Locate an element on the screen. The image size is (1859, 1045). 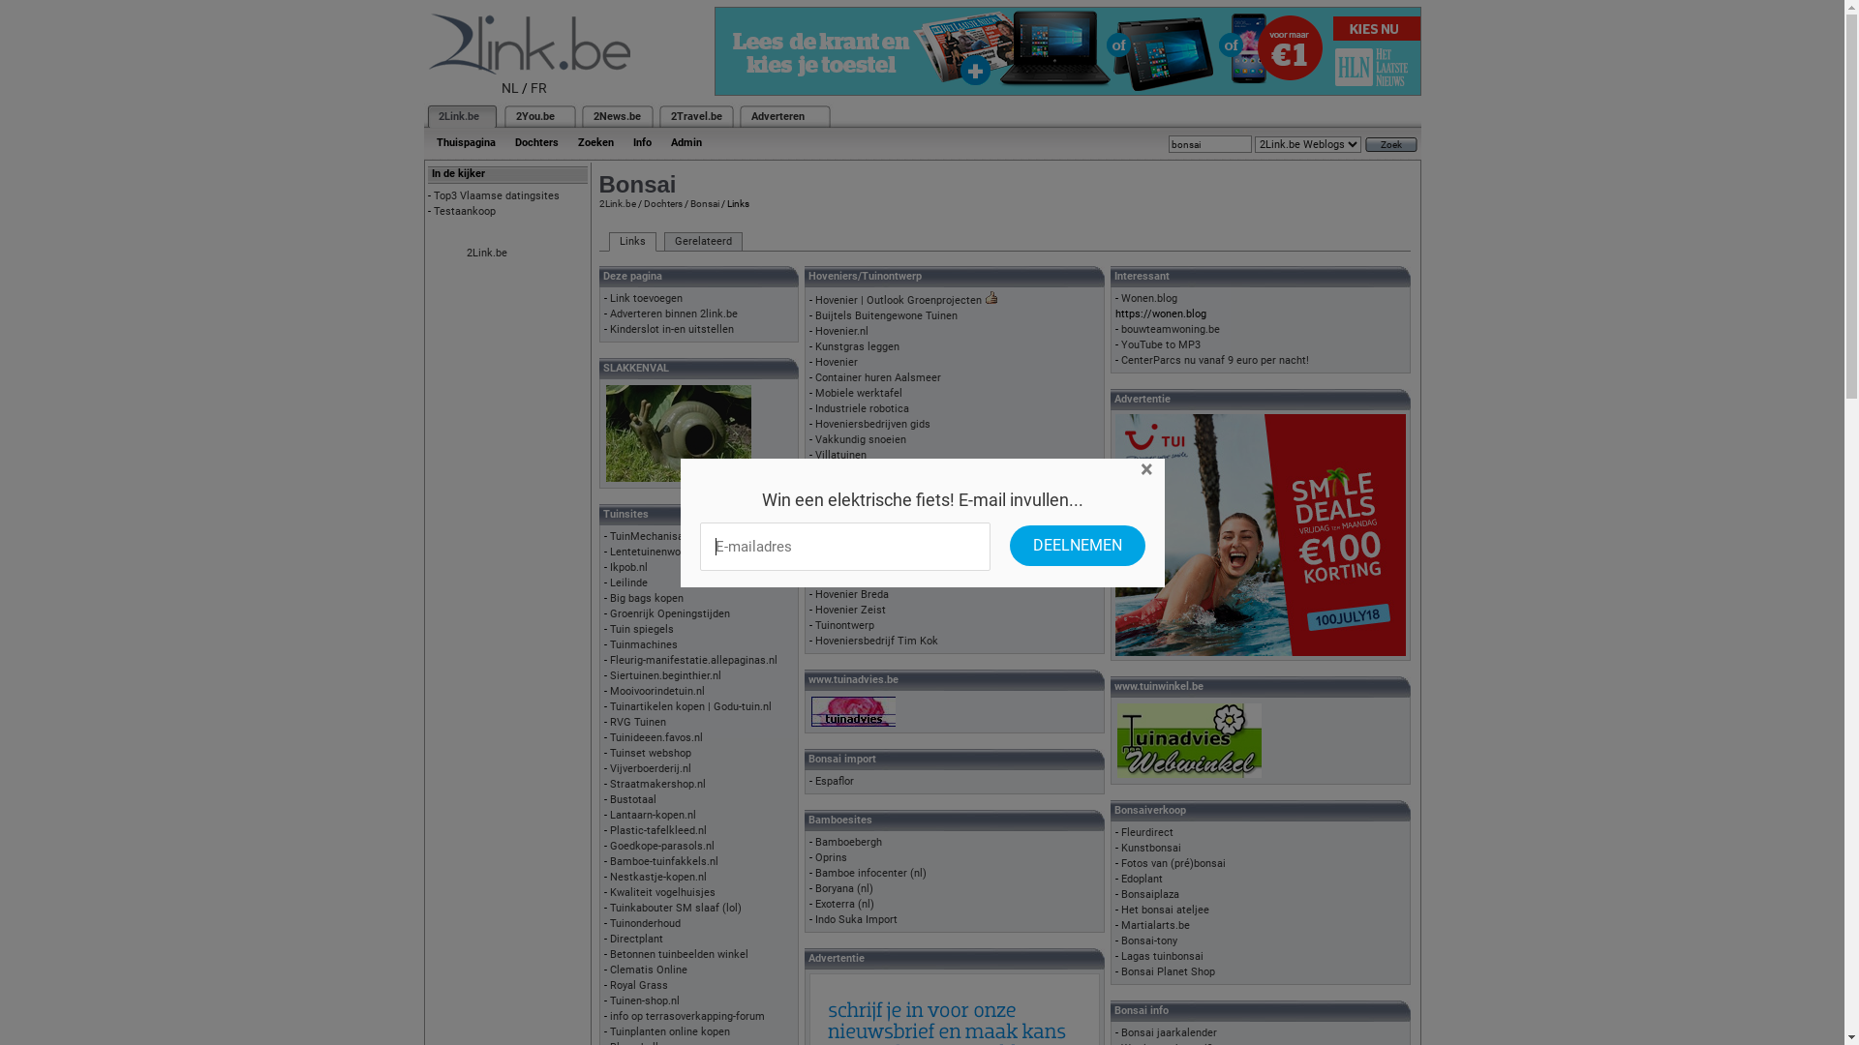
'Hovenier.nl' is located at coordinates (841, 330).